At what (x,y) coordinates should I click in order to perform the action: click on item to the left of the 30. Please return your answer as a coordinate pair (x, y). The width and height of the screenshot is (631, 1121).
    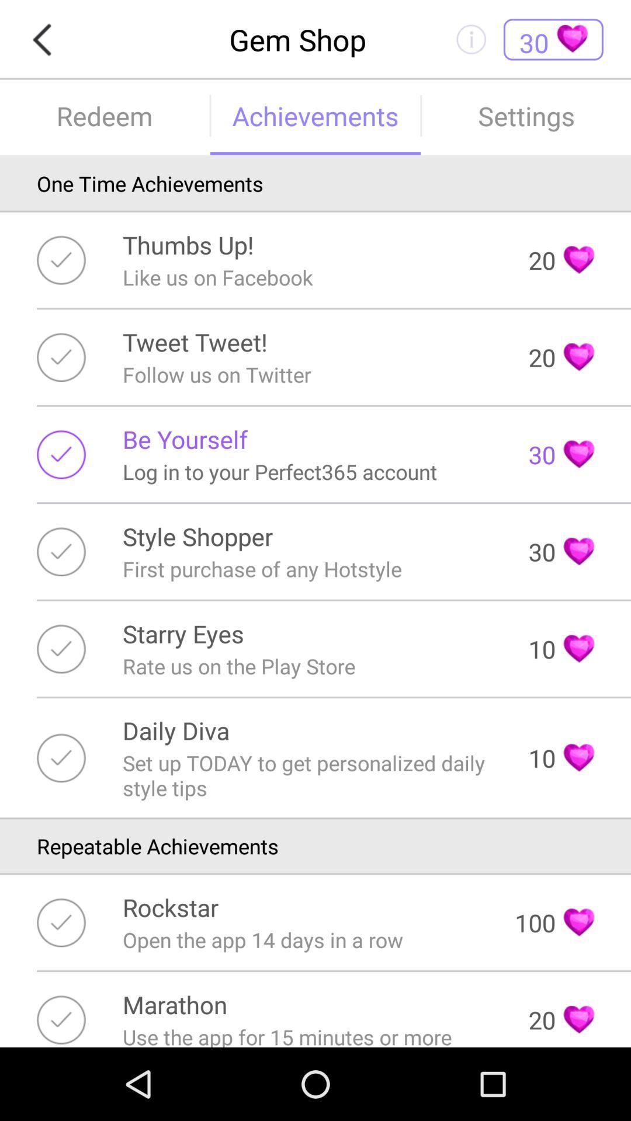
    Looking at the image, I should click on (184, 438).